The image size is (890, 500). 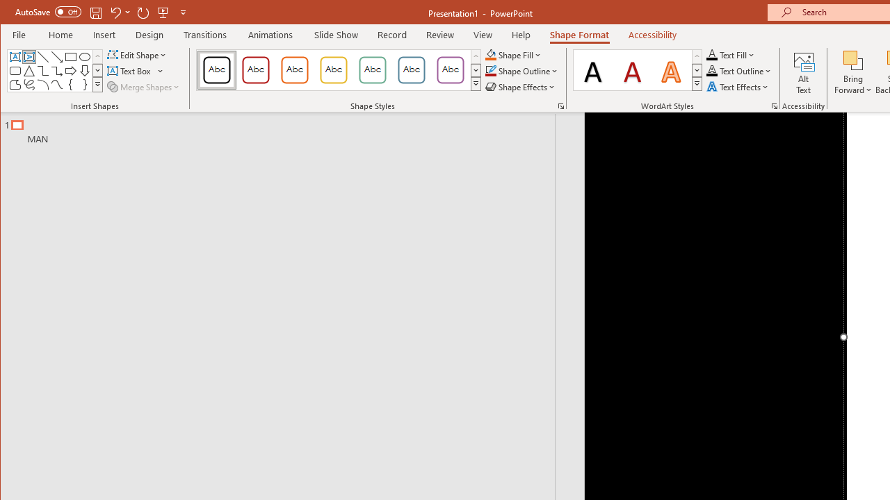 What do you see at coordinates (738, 87) in the screenshot?
I see `'Text Effects'` at bounding box center [738, 87].